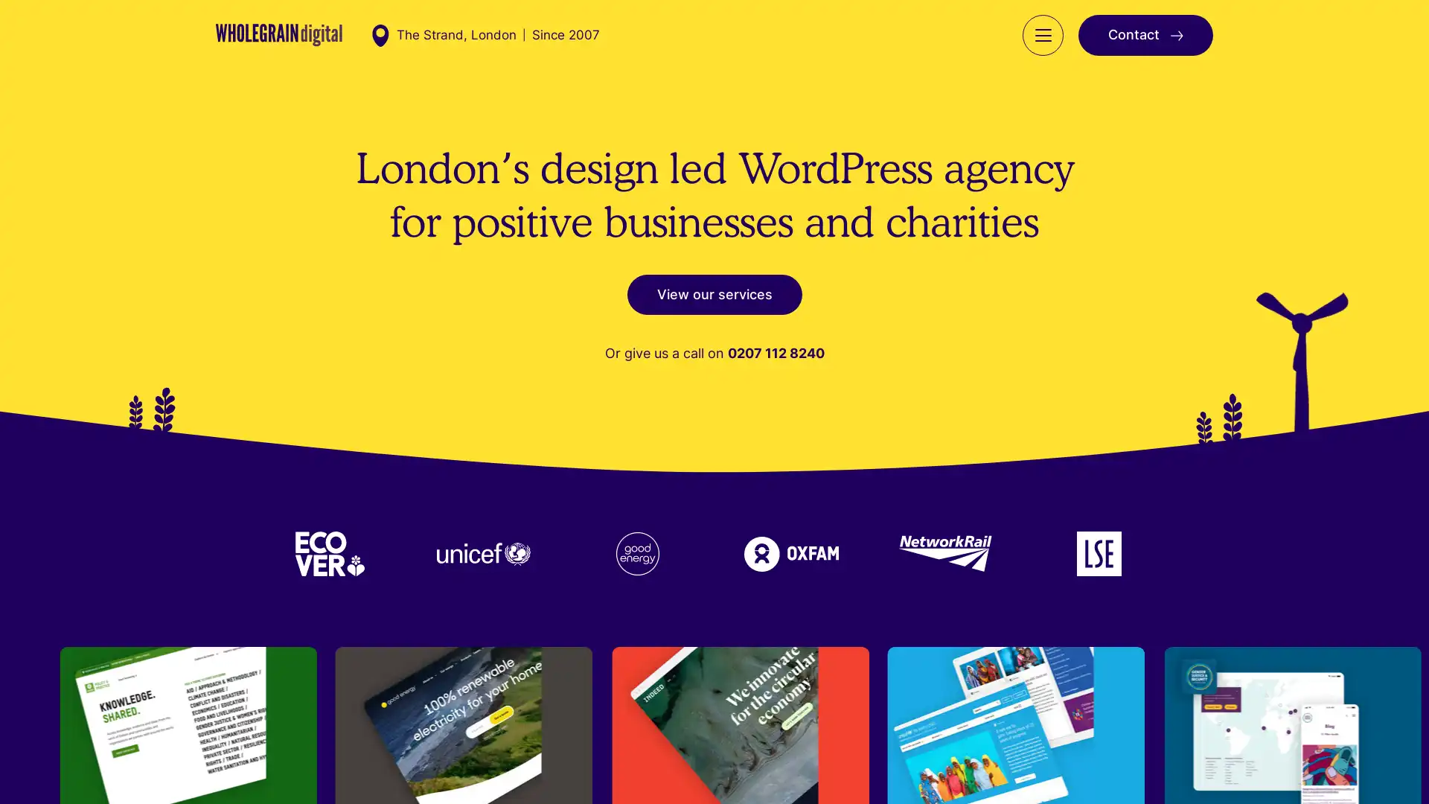 The width and height of the screenshot is (1429, 804). Describe the element at coordinates (1042, 49) in the screenshot. I see `Open menu` at that location.